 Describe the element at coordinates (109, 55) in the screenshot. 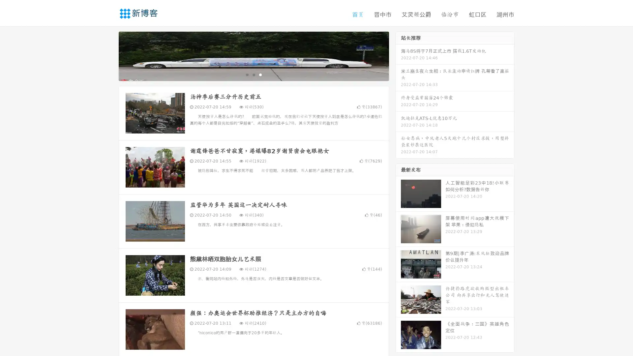

I see `Previous slide` at that location.